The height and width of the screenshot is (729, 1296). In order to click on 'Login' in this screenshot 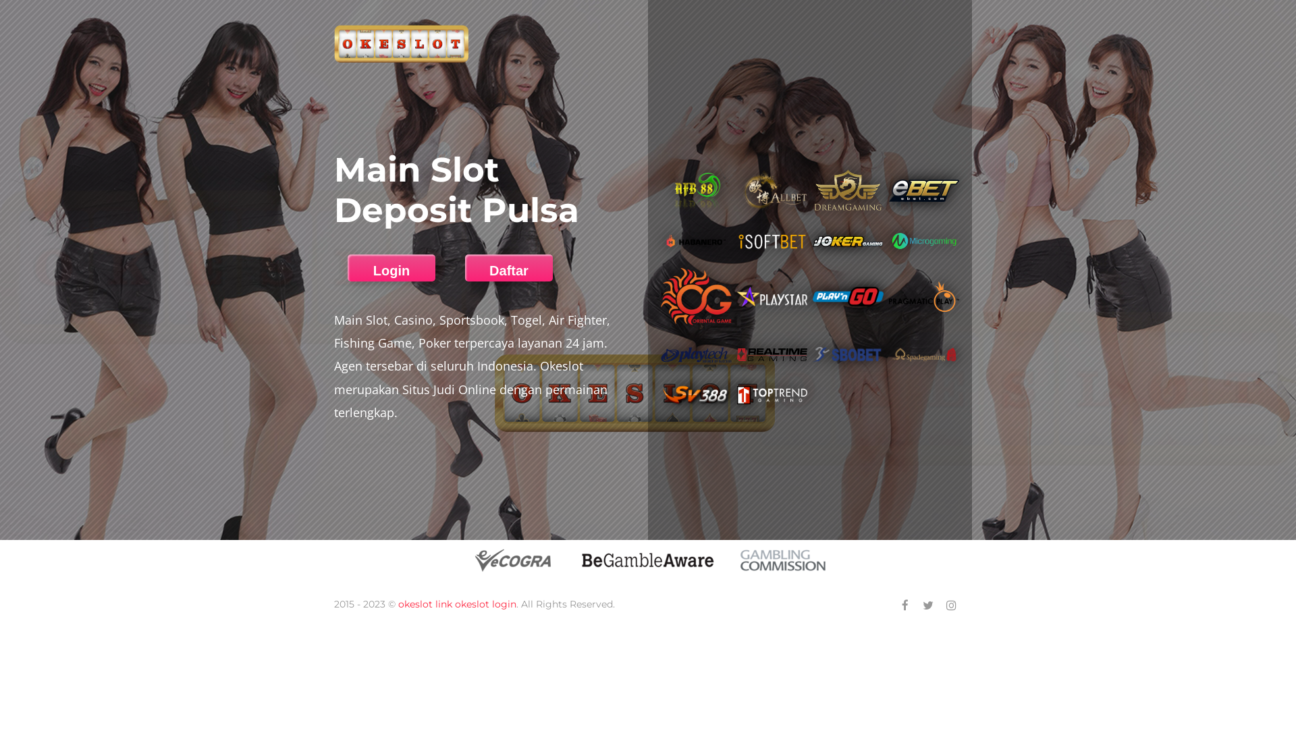, I will do `click(391, 271)`.